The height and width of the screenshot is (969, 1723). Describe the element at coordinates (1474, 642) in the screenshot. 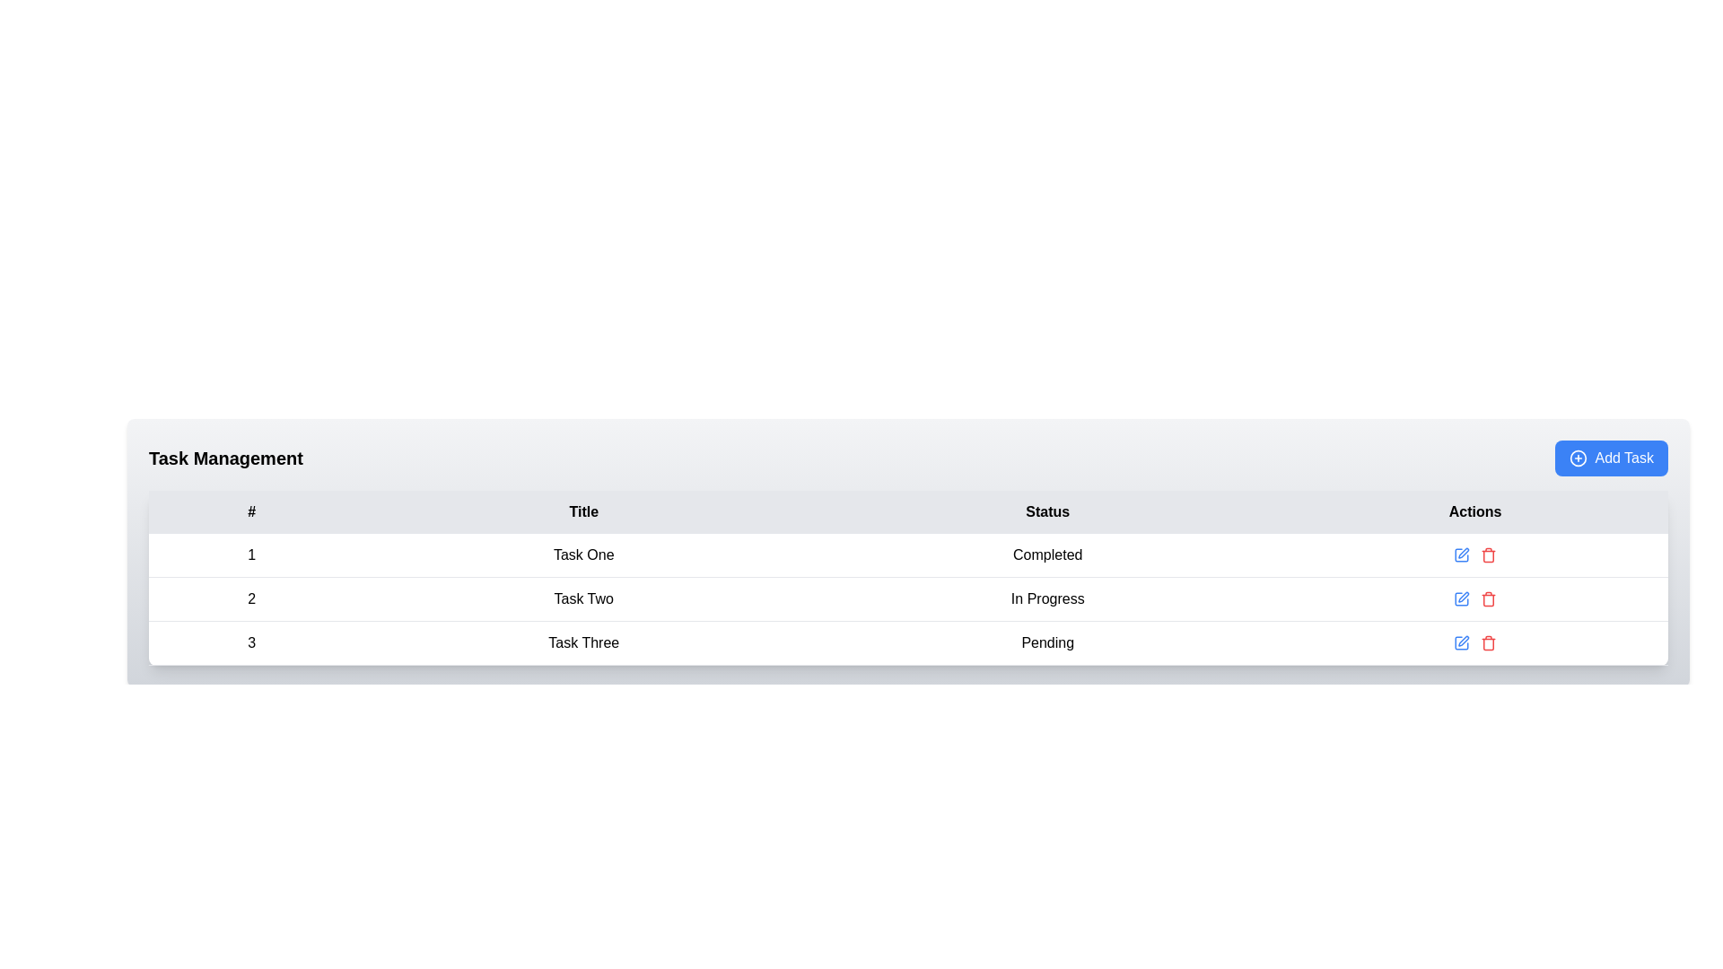

I see `the blue pen icon in the Action Control Group located in the 'Actions' column of the third row of the task management table to initiate an action` at that location.